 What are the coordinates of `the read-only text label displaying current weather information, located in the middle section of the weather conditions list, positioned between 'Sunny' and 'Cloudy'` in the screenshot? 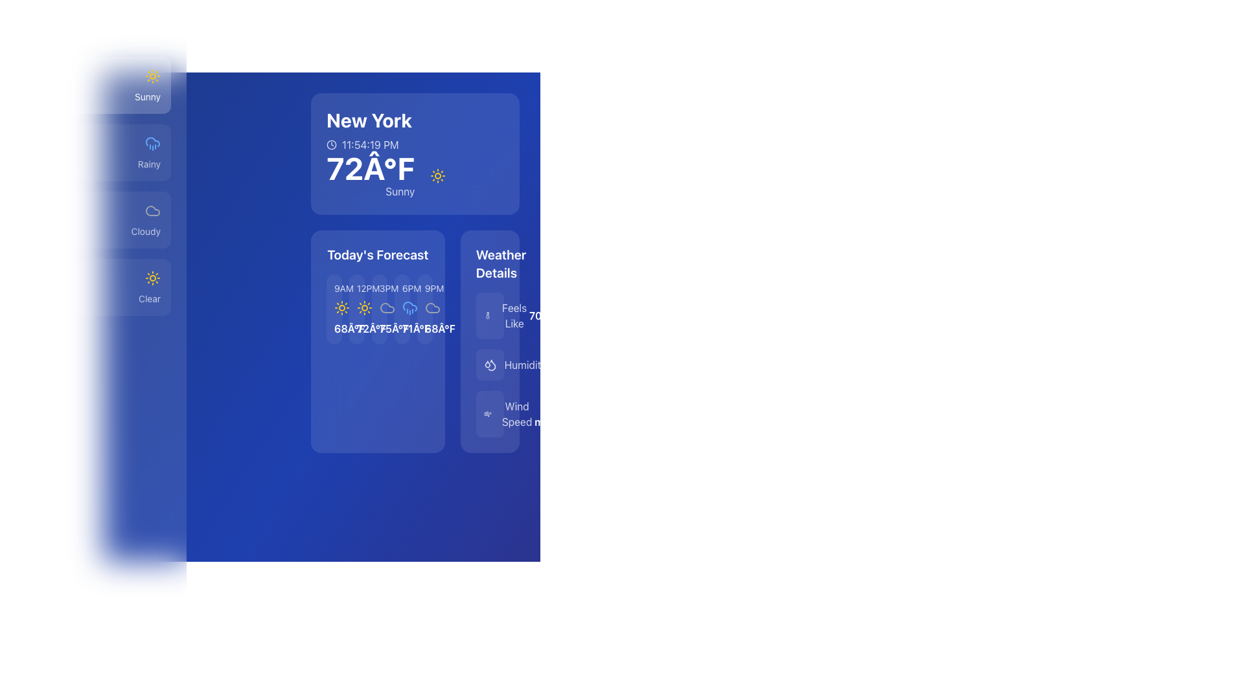 It's located at (93, 164).